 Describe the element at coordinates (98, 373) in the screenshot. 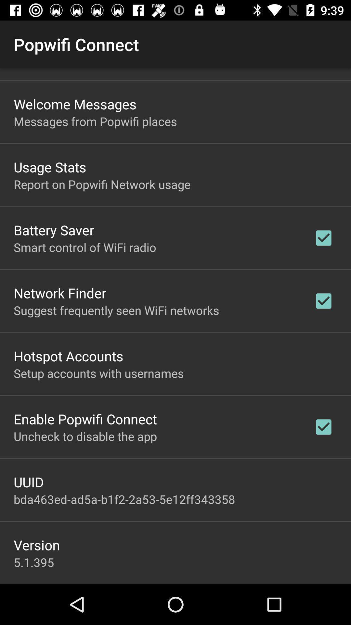

I see `the icon above the enable popwifi connect item` at that location.